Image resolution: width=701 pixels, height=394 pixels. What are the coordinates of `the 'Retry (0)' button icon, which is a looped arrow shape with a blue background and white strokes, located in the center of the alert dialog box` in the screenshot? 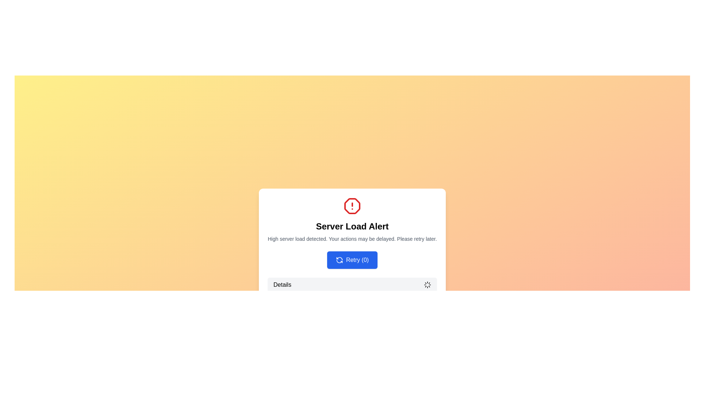 It's located at (339, 260).